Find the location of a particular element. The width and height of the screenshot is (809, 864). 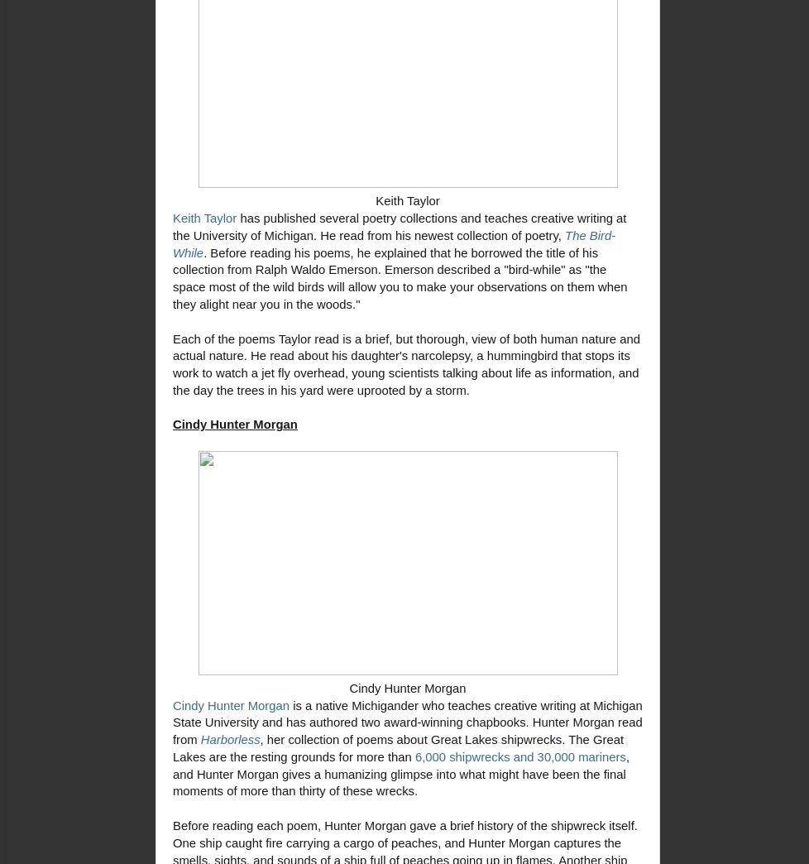

'Each of the poems Taylor read is a brief, but thorough, view of' is located at coordinates (172, 338).